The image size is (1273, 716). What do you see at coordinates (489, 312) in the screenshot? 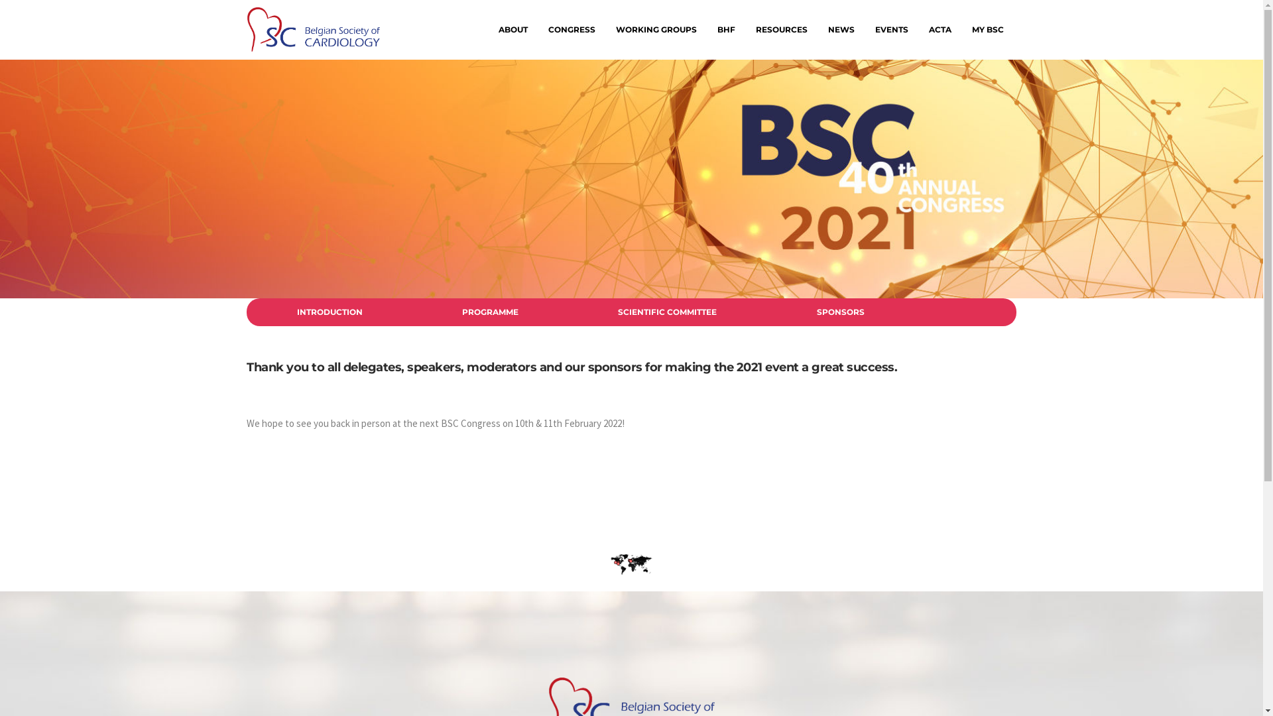
I see `'PROGRAMME'` at bounding box center [489, 312].